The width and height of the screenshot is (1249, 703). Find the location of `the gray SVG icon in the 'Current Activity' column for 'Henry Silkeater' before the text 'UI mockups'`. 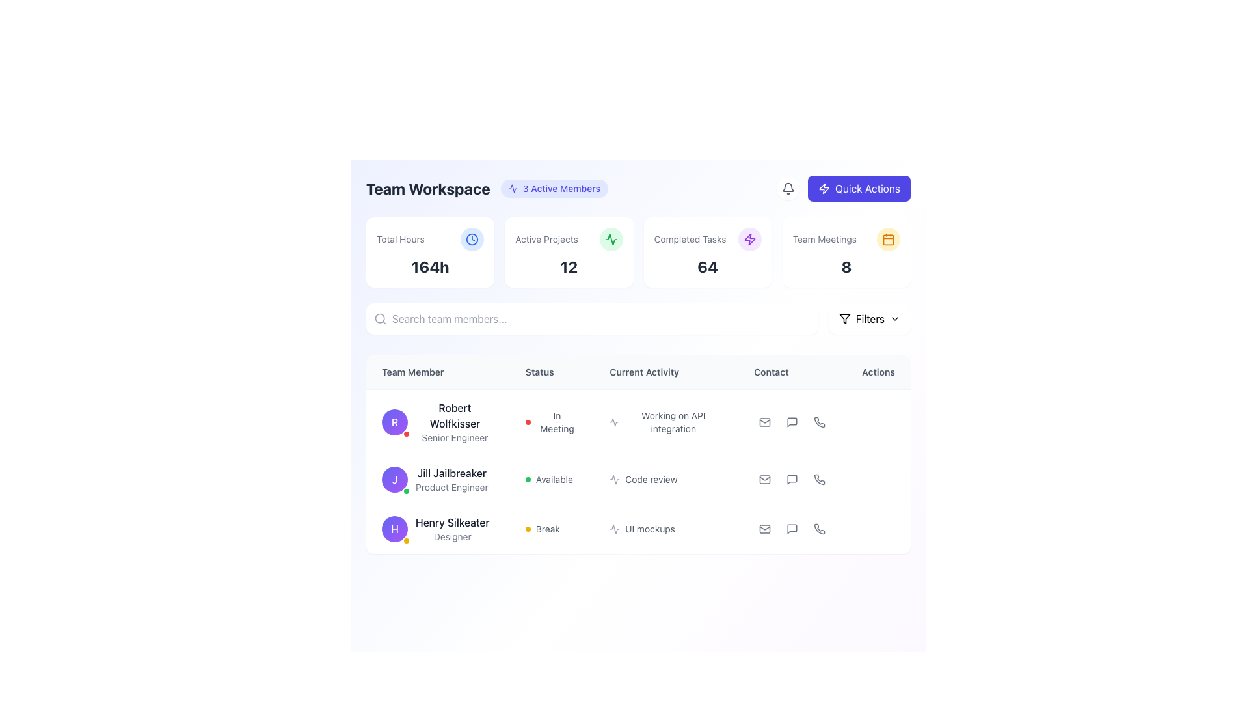

the gray SVG icon in the 'Current Activity' column for 'Henry Silkeater' before the text 'UI mockups' is located at coordinates (614, 529).